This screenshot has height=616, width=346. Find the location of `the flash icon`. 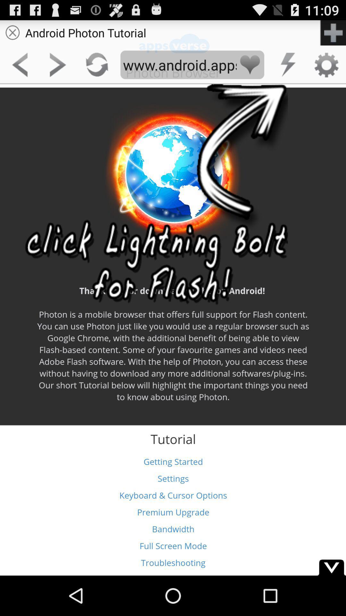

the flash icon is located at coordinates (287, 69).